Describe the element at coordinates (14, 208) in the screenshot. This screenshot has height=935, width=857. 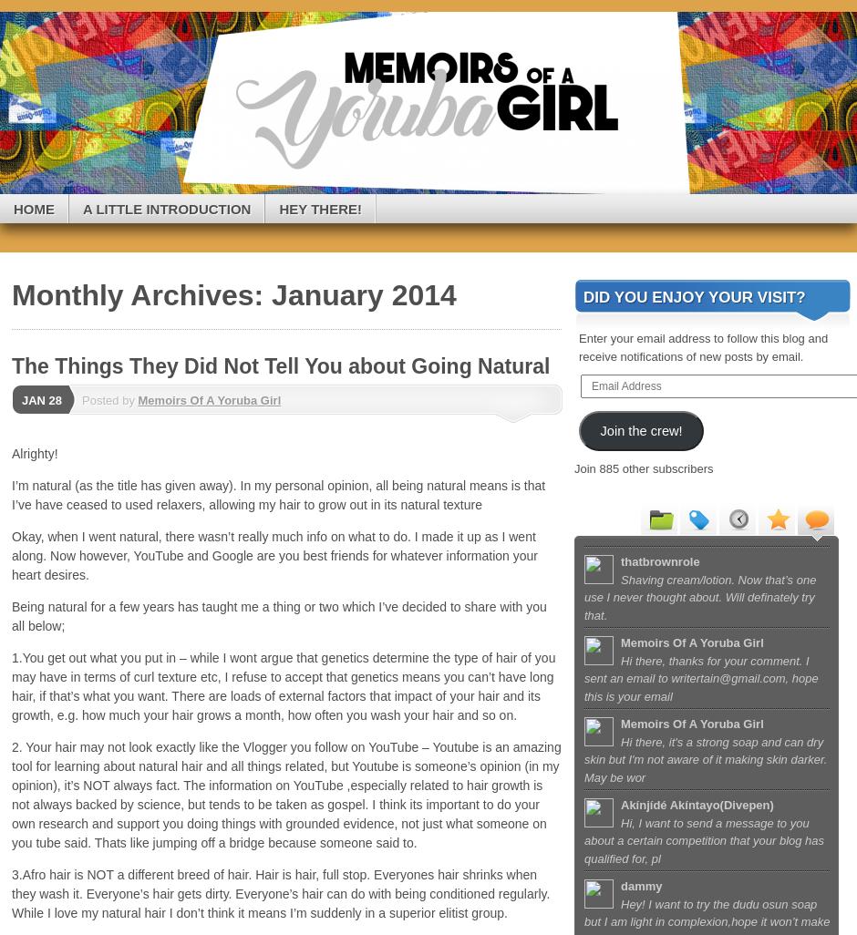
I see `'Home'` at that location.